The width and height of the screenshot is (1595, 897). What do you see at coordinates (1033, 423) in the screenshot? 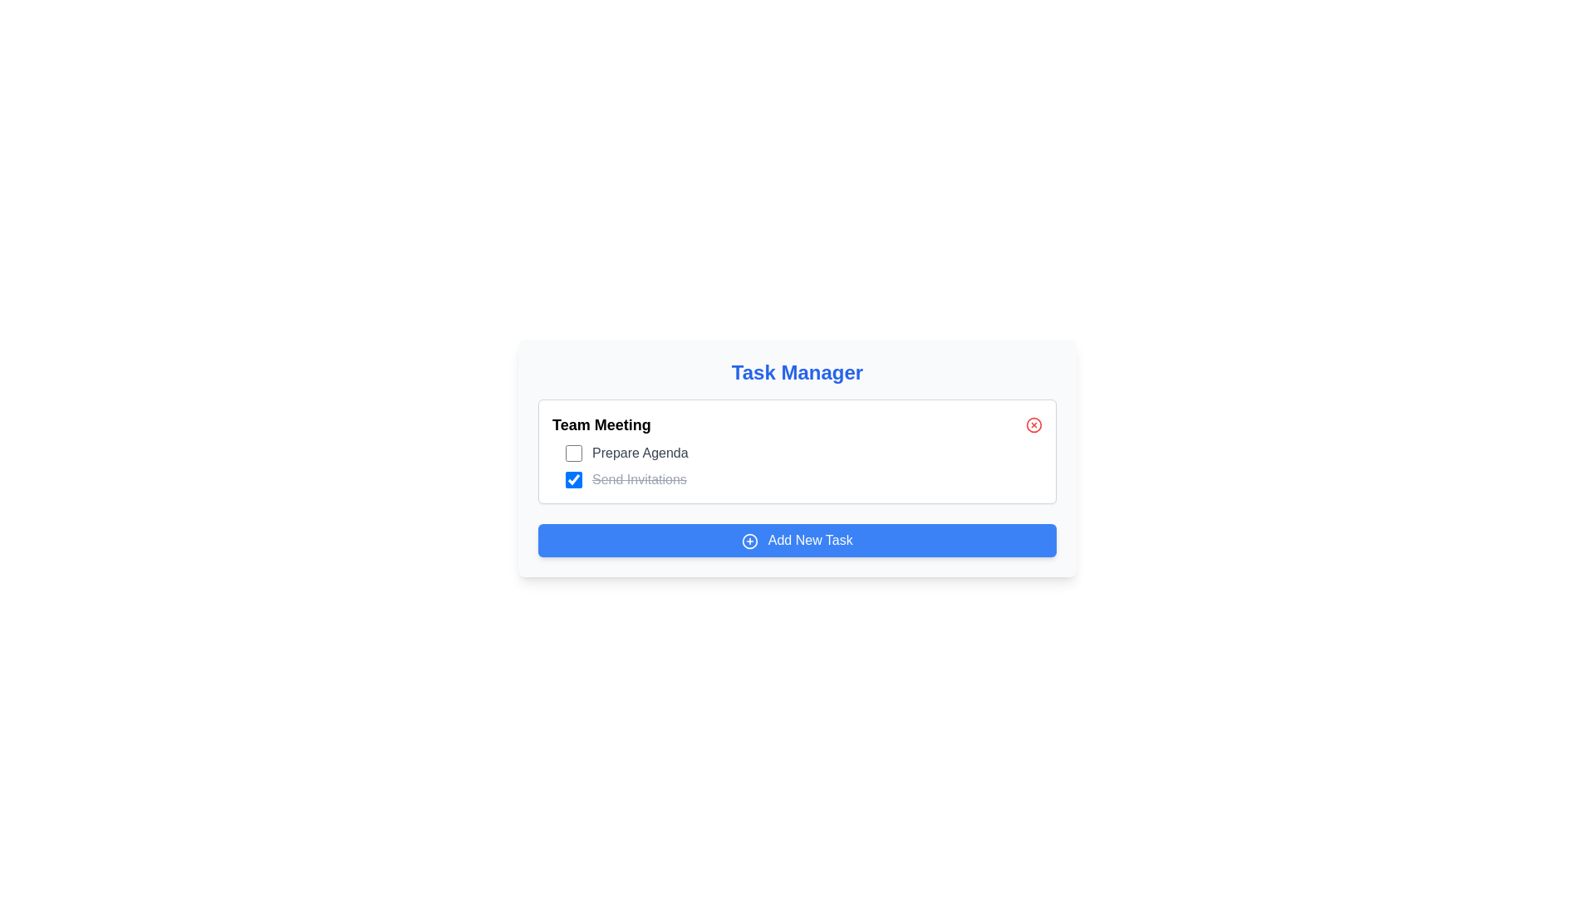
I see `the Decorative icon (circle) located to the right of the 'Team Meeting' heading, which indicates an interactive behavior for dismissing or closing its associated task` at bounding box center [1033, 423].